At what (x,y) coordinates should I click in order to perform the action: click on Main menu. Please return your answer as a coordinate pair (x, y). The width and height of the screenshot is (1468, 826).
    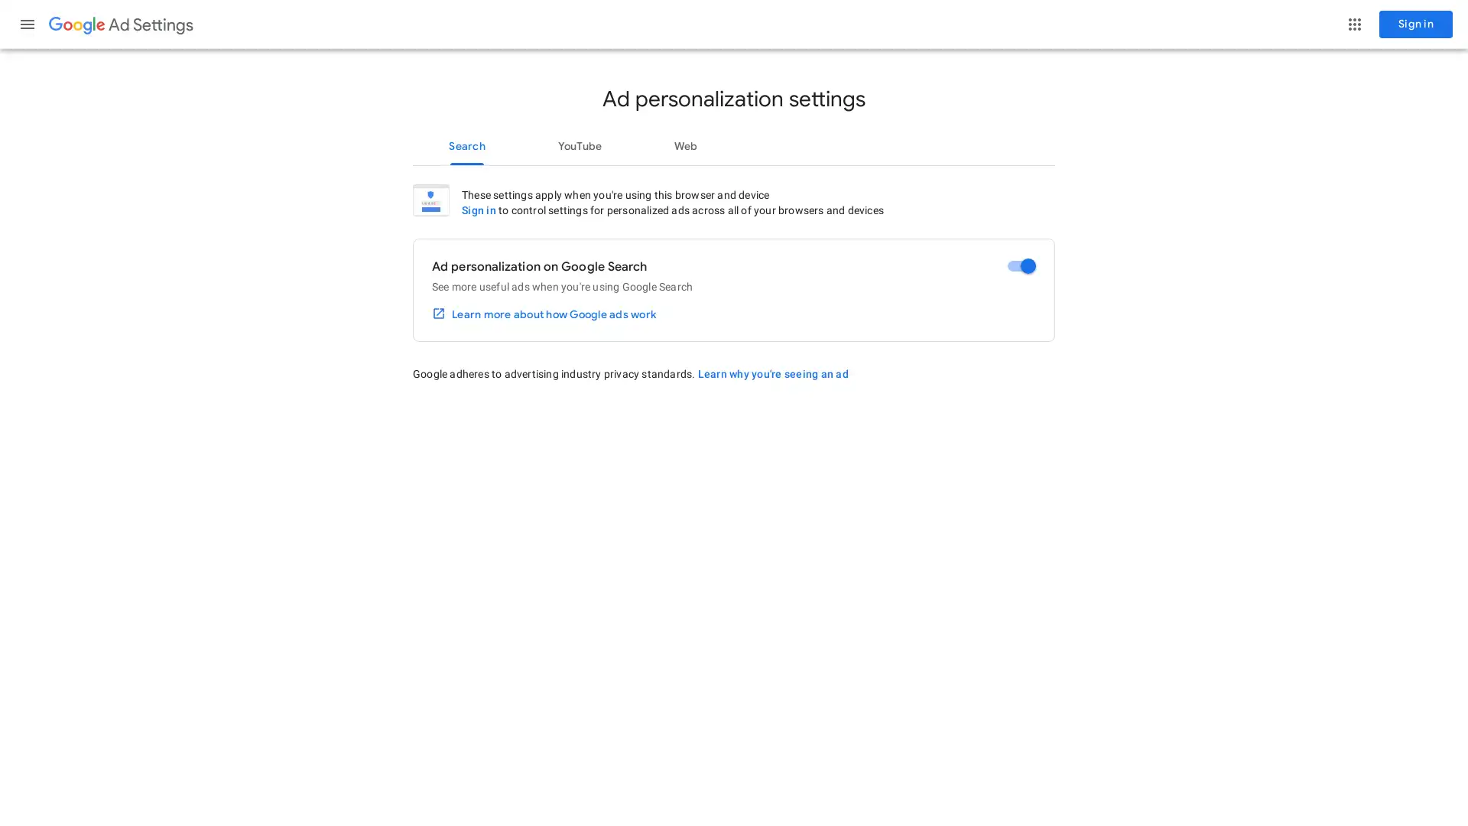
    Looking at the image, I should click on (27, 24).